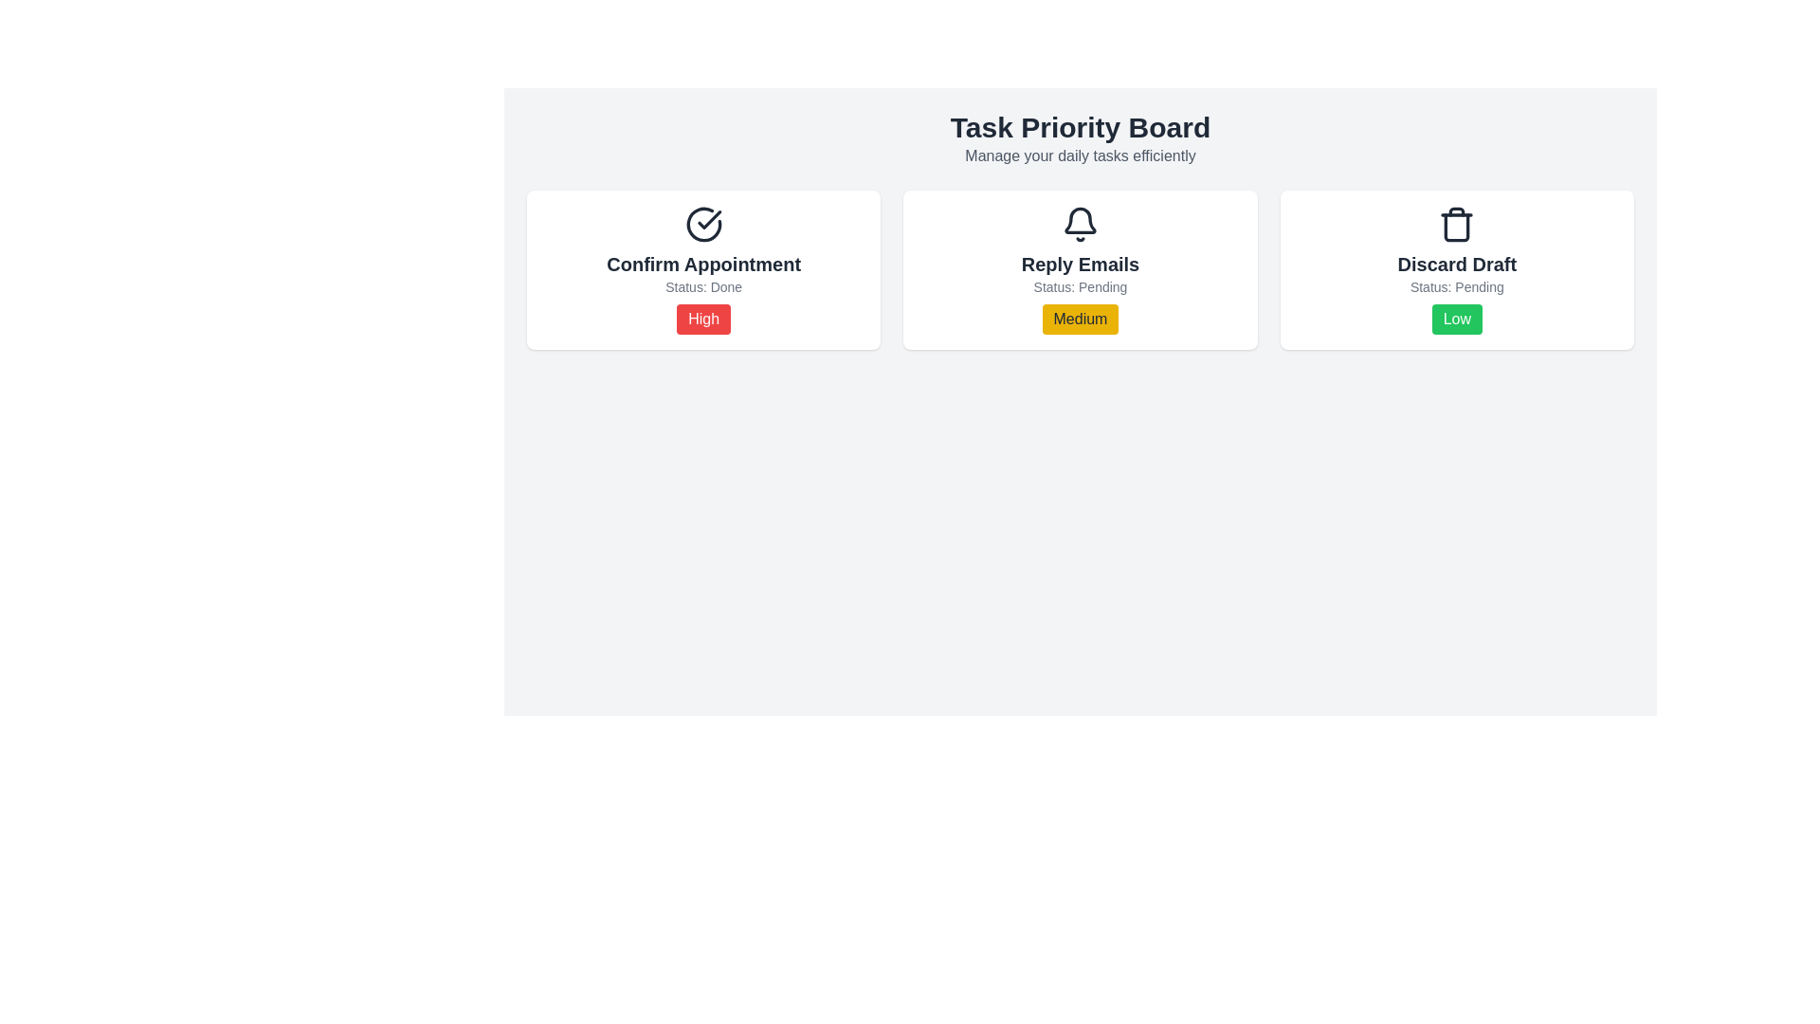 The height and width of the screenshot is (1024, 1820). Describe the element at coordinates (1456, 318) in the screenshot. I see `the visual indicator representing the low priority status of the task 'Discard Draft'` at that location.